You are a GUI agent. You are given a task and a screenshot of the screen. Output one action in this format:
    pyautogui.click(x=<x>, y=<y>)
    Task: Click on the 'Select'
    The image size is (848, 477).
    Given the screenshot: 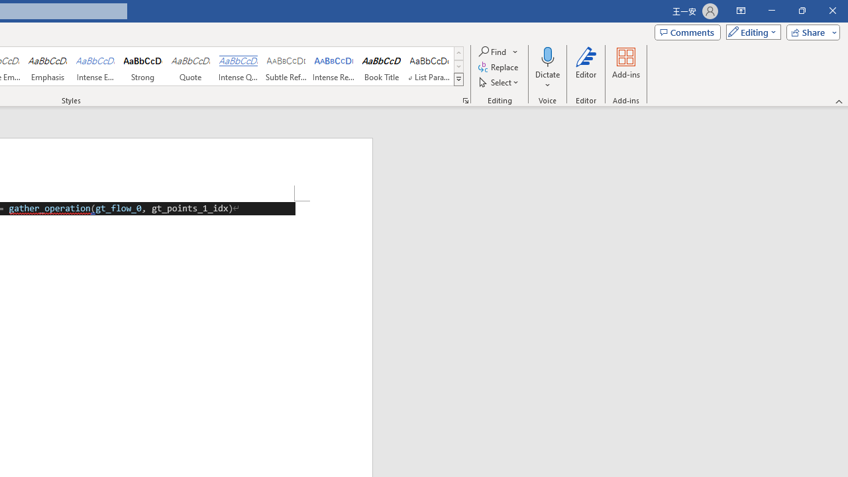 What is the action you would take?
    pyautogui.click(x=499, y=82)
    